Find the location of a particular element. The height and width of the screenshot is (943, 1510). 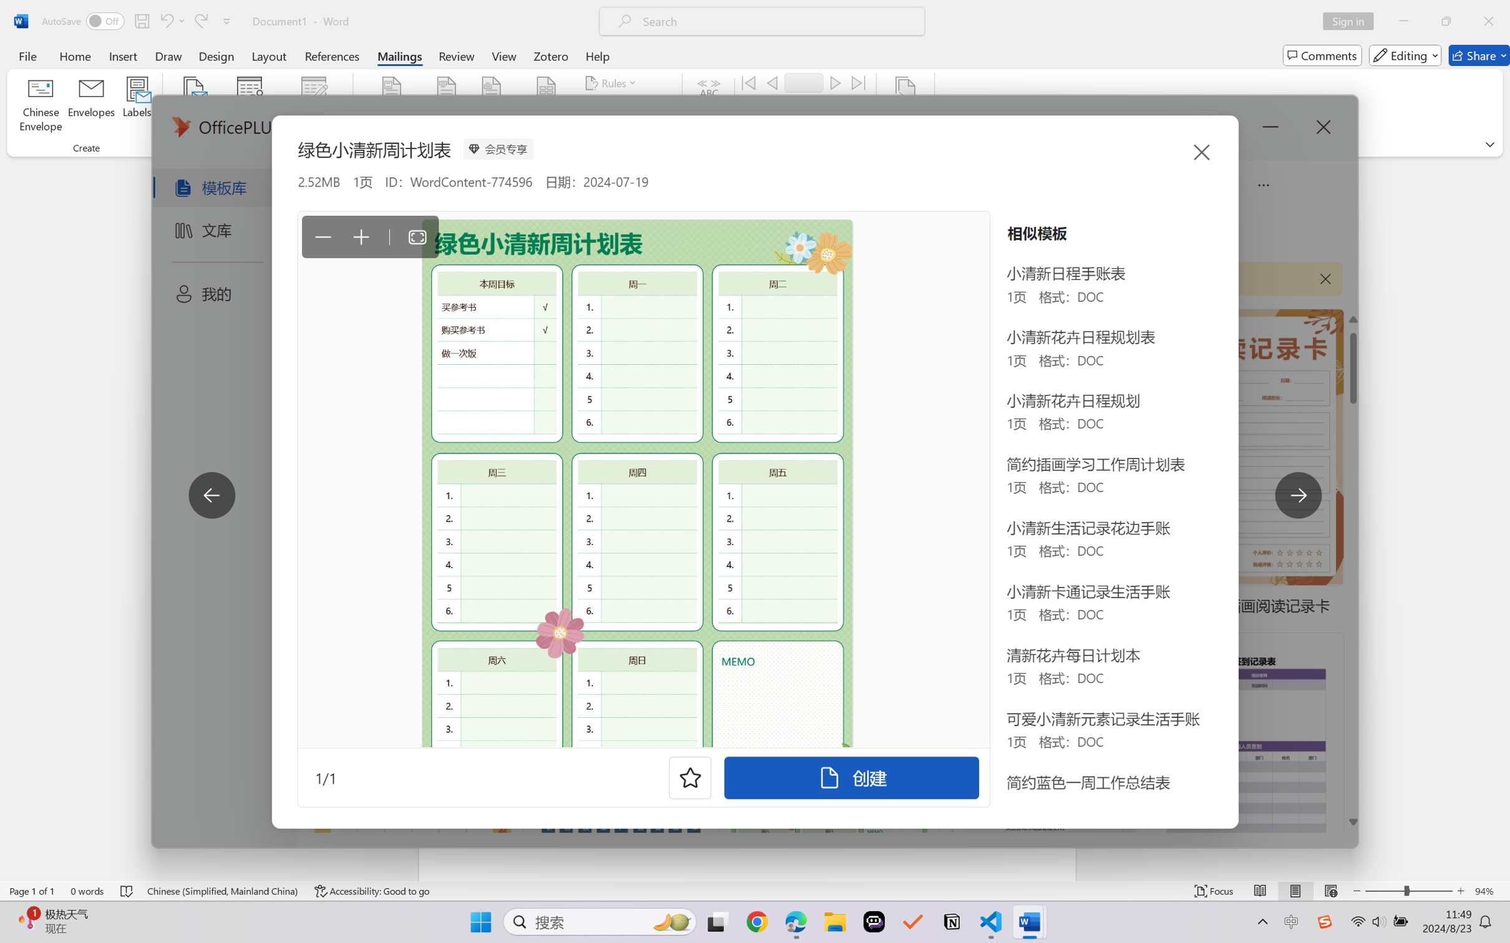

'Redo Apply Quick Style' is located at coordinates (200, 21).